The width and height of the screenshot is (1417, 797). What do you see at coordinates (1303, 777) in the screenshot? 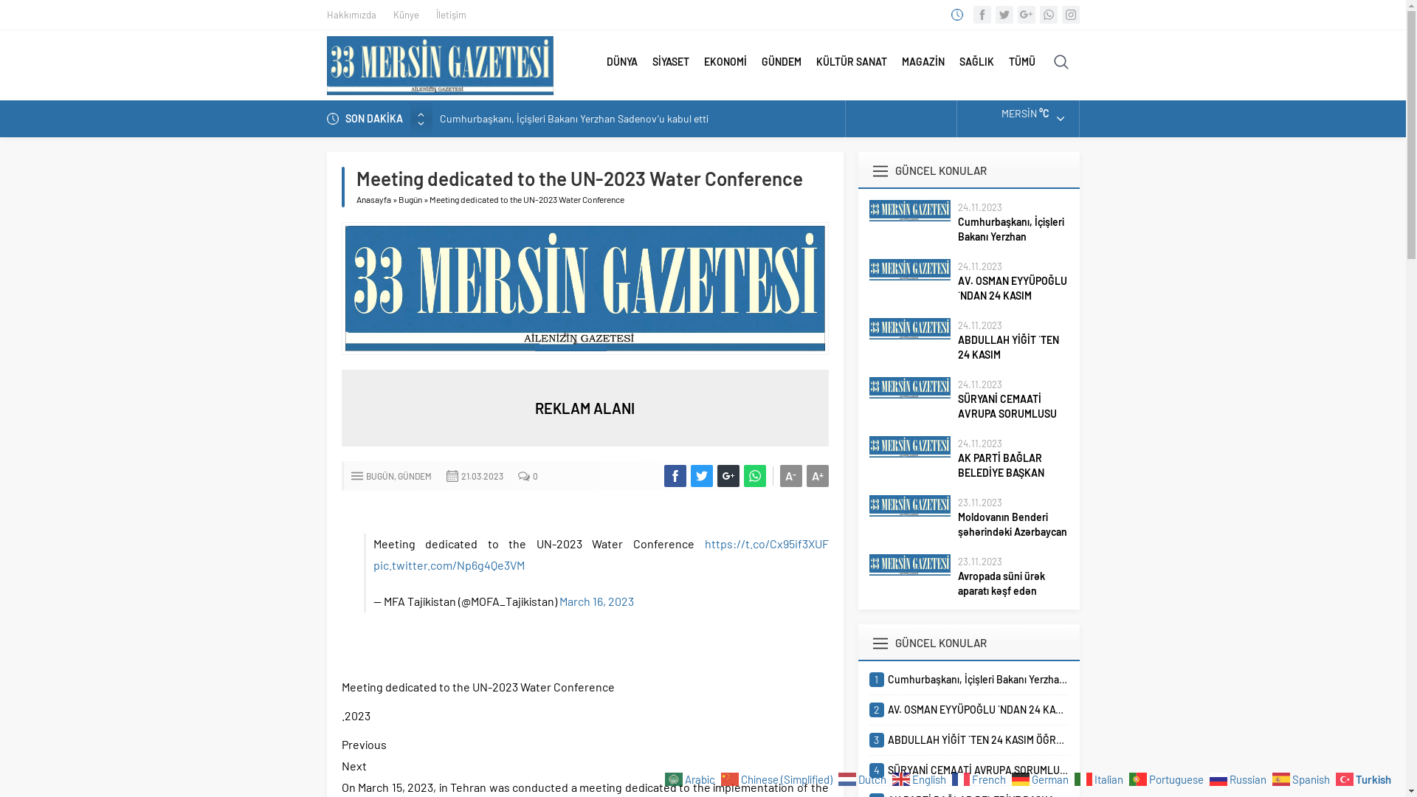
I see `'Spanish'` at bounding box center [1303, 777].